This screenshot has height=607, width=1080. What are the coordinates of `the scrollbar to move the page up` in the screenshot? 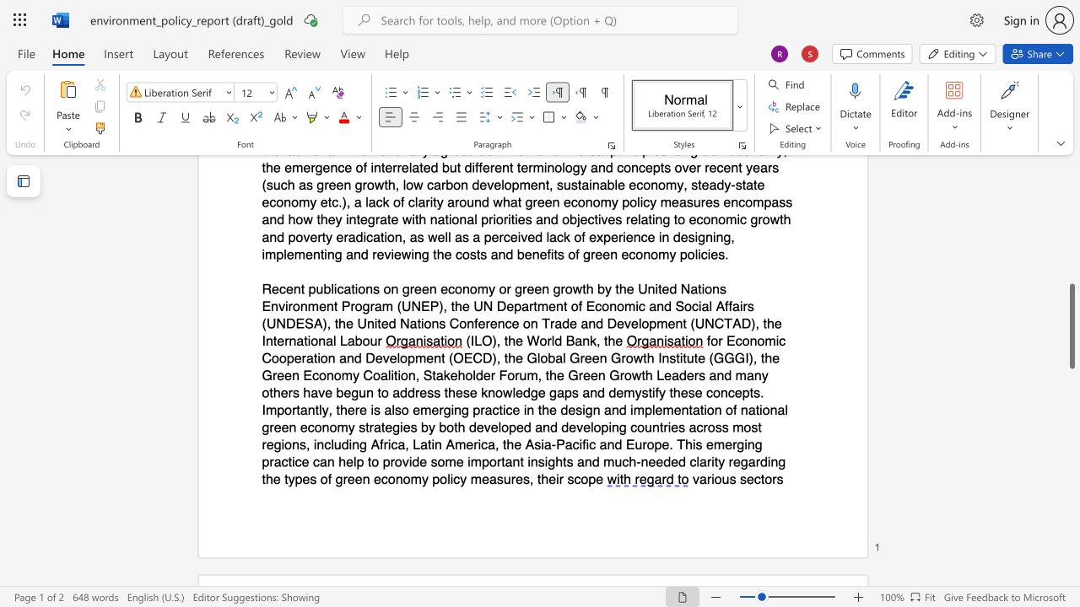 It's located at (1071, 228).